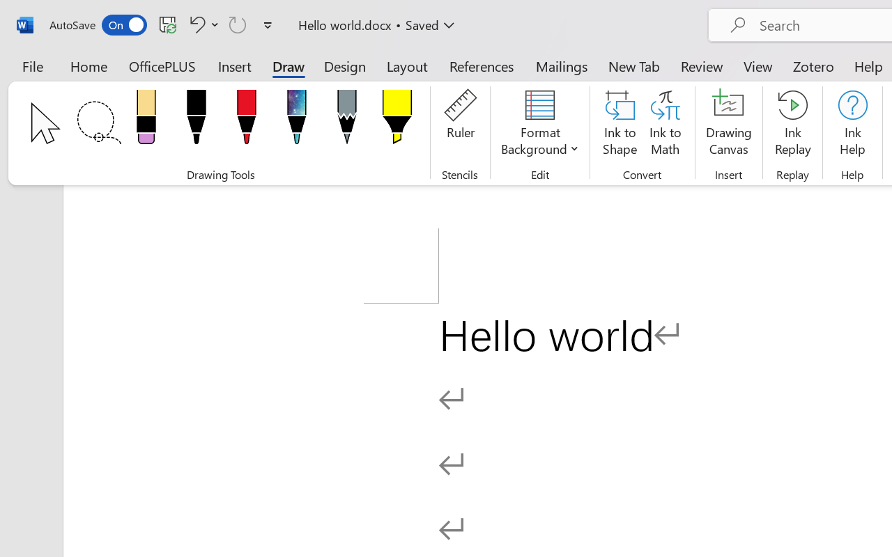 Image resolution: width=892 pixels, height=557 pixels. What do you see at coordinates (702, 65) in the screenshot?
I see `'Review'` at bounding box center [702, 65].